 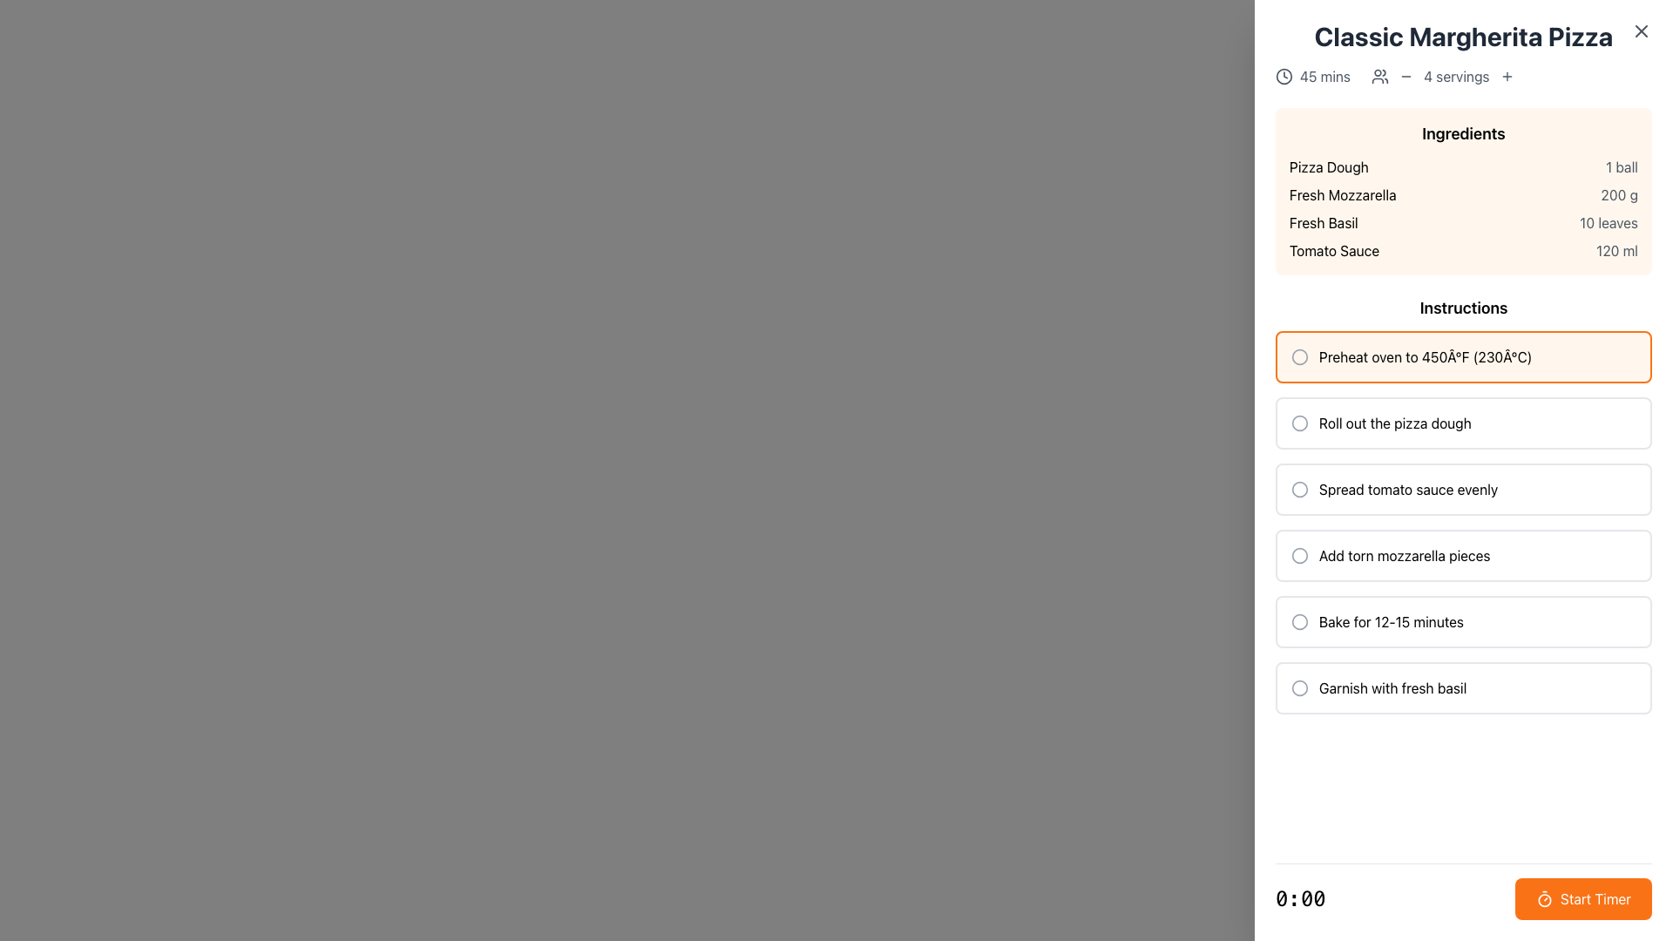 What do you see at coordinates (1300, 490) in the screenshot?
I see `the circular icon with a gray border located to the left of the text 'Spread tomato sauce evenly' in the instructions list` at bounding box center [1300, 490].